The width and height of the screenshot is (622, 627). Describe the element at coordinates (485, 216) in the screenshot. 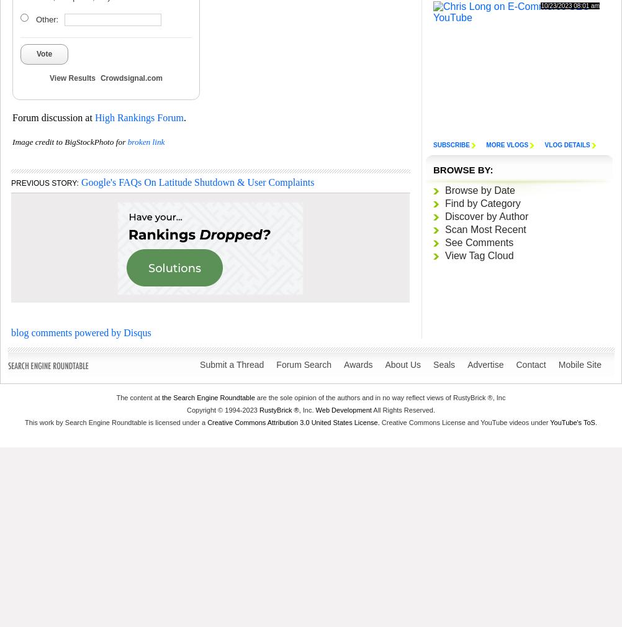

I see `'Discover by Author'` at that location.